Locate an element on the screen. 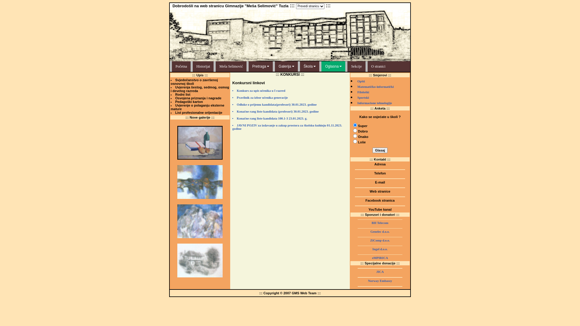 This screenshot has width=580, height=326. 'Norway Embassy' is located at coordinates (379, 281).